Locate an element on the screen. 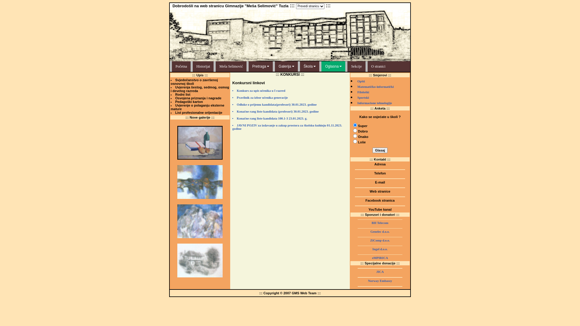 This screenshot has width=580, height=326. 'Norway Embassy' is located at coordinates (379, 281).